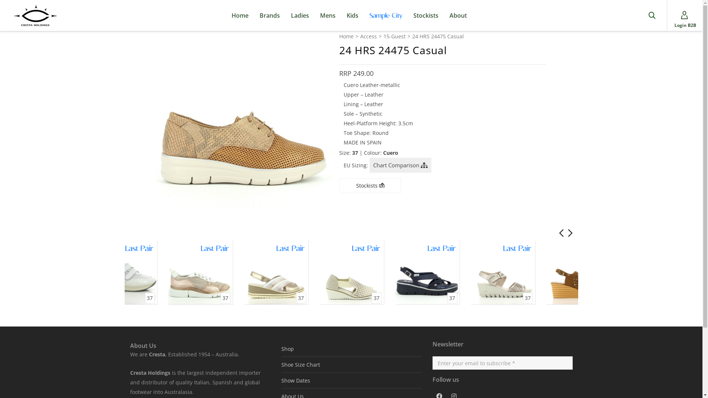 This screenshot has height=398, width=708. Describe the element at coordinates (458, 15) in the screenshot. I see `'About'` at that location.